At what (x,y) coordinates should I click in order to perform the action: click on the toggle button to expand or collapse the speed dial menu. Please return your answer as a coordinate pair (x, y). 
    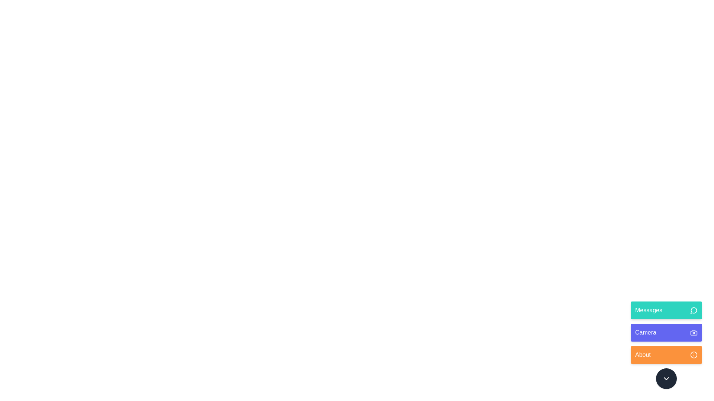
    Looking at the image, I should click on (666, 378).